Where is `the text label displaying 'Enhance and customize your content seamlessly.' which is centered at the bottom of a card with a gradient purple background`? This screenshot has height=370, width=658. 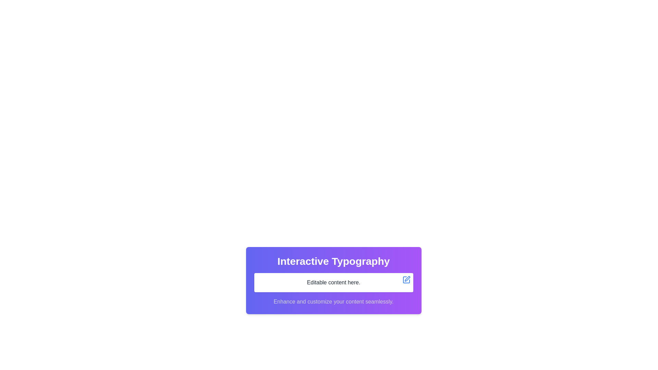 the text label displaying 'Enhance and customize your content seamlessly.' which is centered at the bottom of a card with a gradient purple background is located at coordinates (333, 301).